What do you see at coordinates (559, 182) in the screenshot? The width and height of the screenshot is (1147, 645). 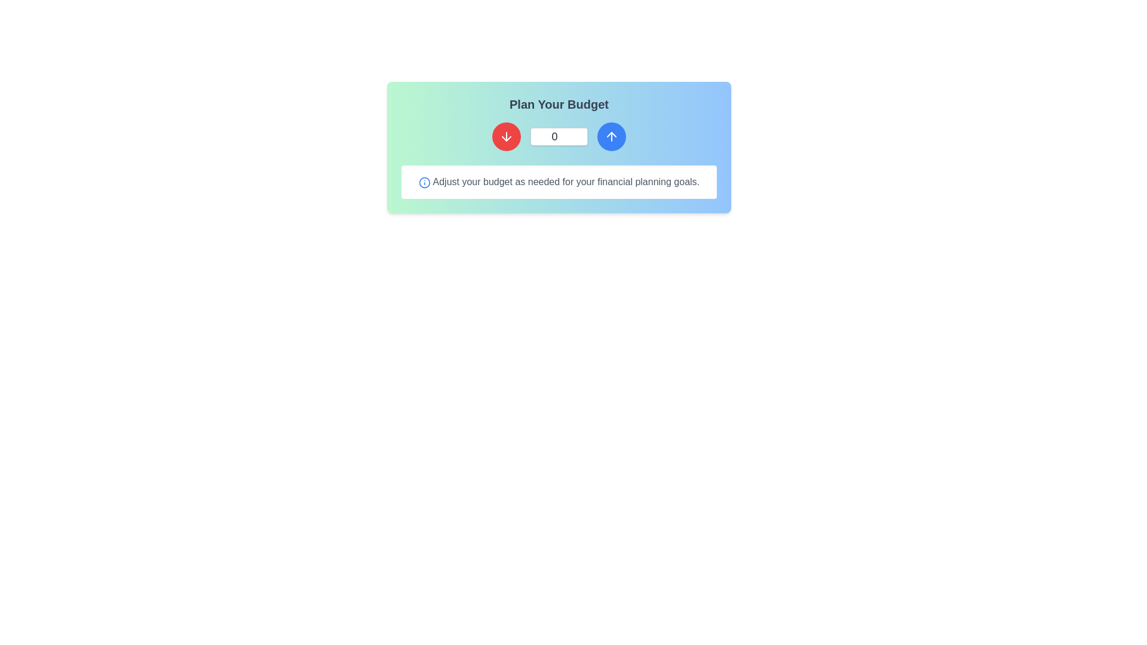 I see `the Informational Text with Icon that reads 'Adjust your budget as needed for your financial planning goals.' It is styled with light gray color and has a blue circular icon with an info symbol to its left, located in the bottom part of a rectangular panel` at bounding box center [559, 182].